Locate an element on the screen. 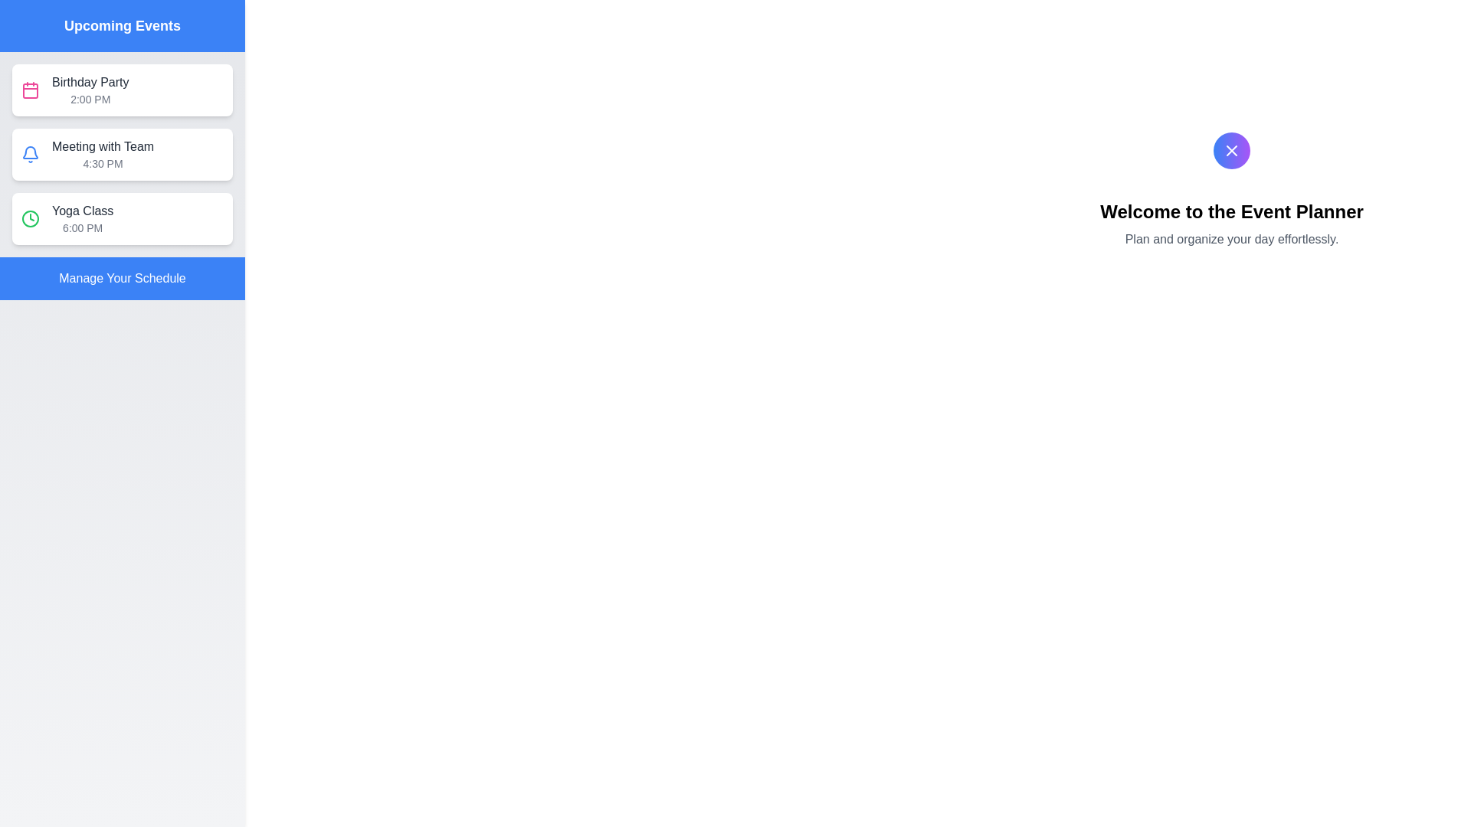  the close or cancel button, which is centered horizontally and located slightly above the 'Welcome to the Event Planner' text is located at coordinates (1232, 150).